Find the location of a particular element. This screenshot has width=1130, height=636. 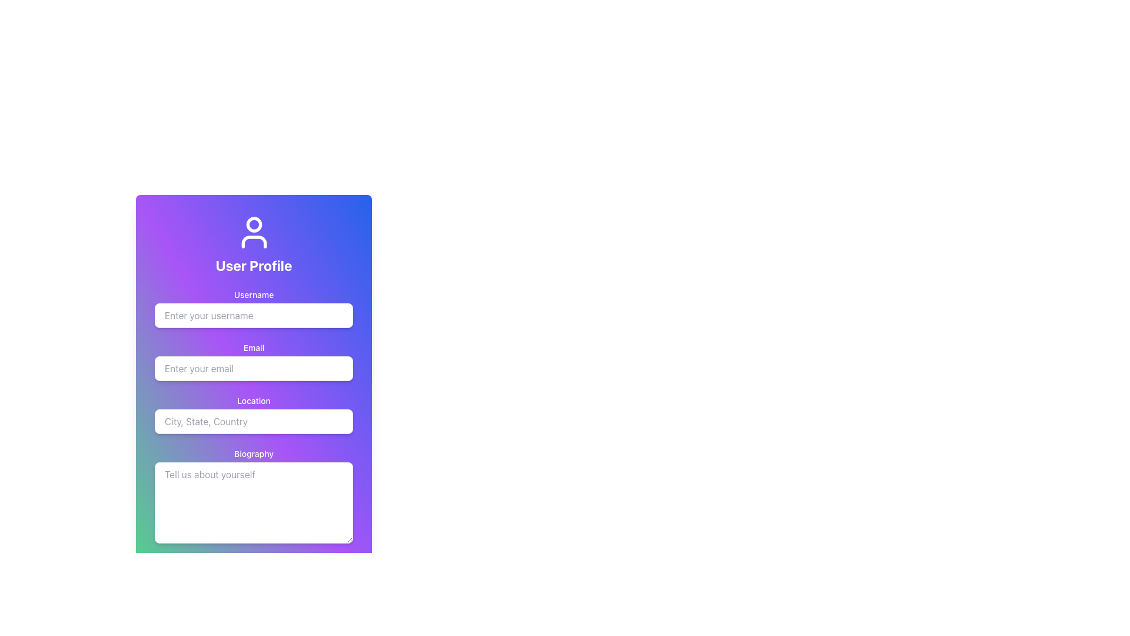

the header section titled 'User Profile' which features a large human figure icon and a gradient background from blue to purple, located at the top of the form card is located at coordinates (253, 244).